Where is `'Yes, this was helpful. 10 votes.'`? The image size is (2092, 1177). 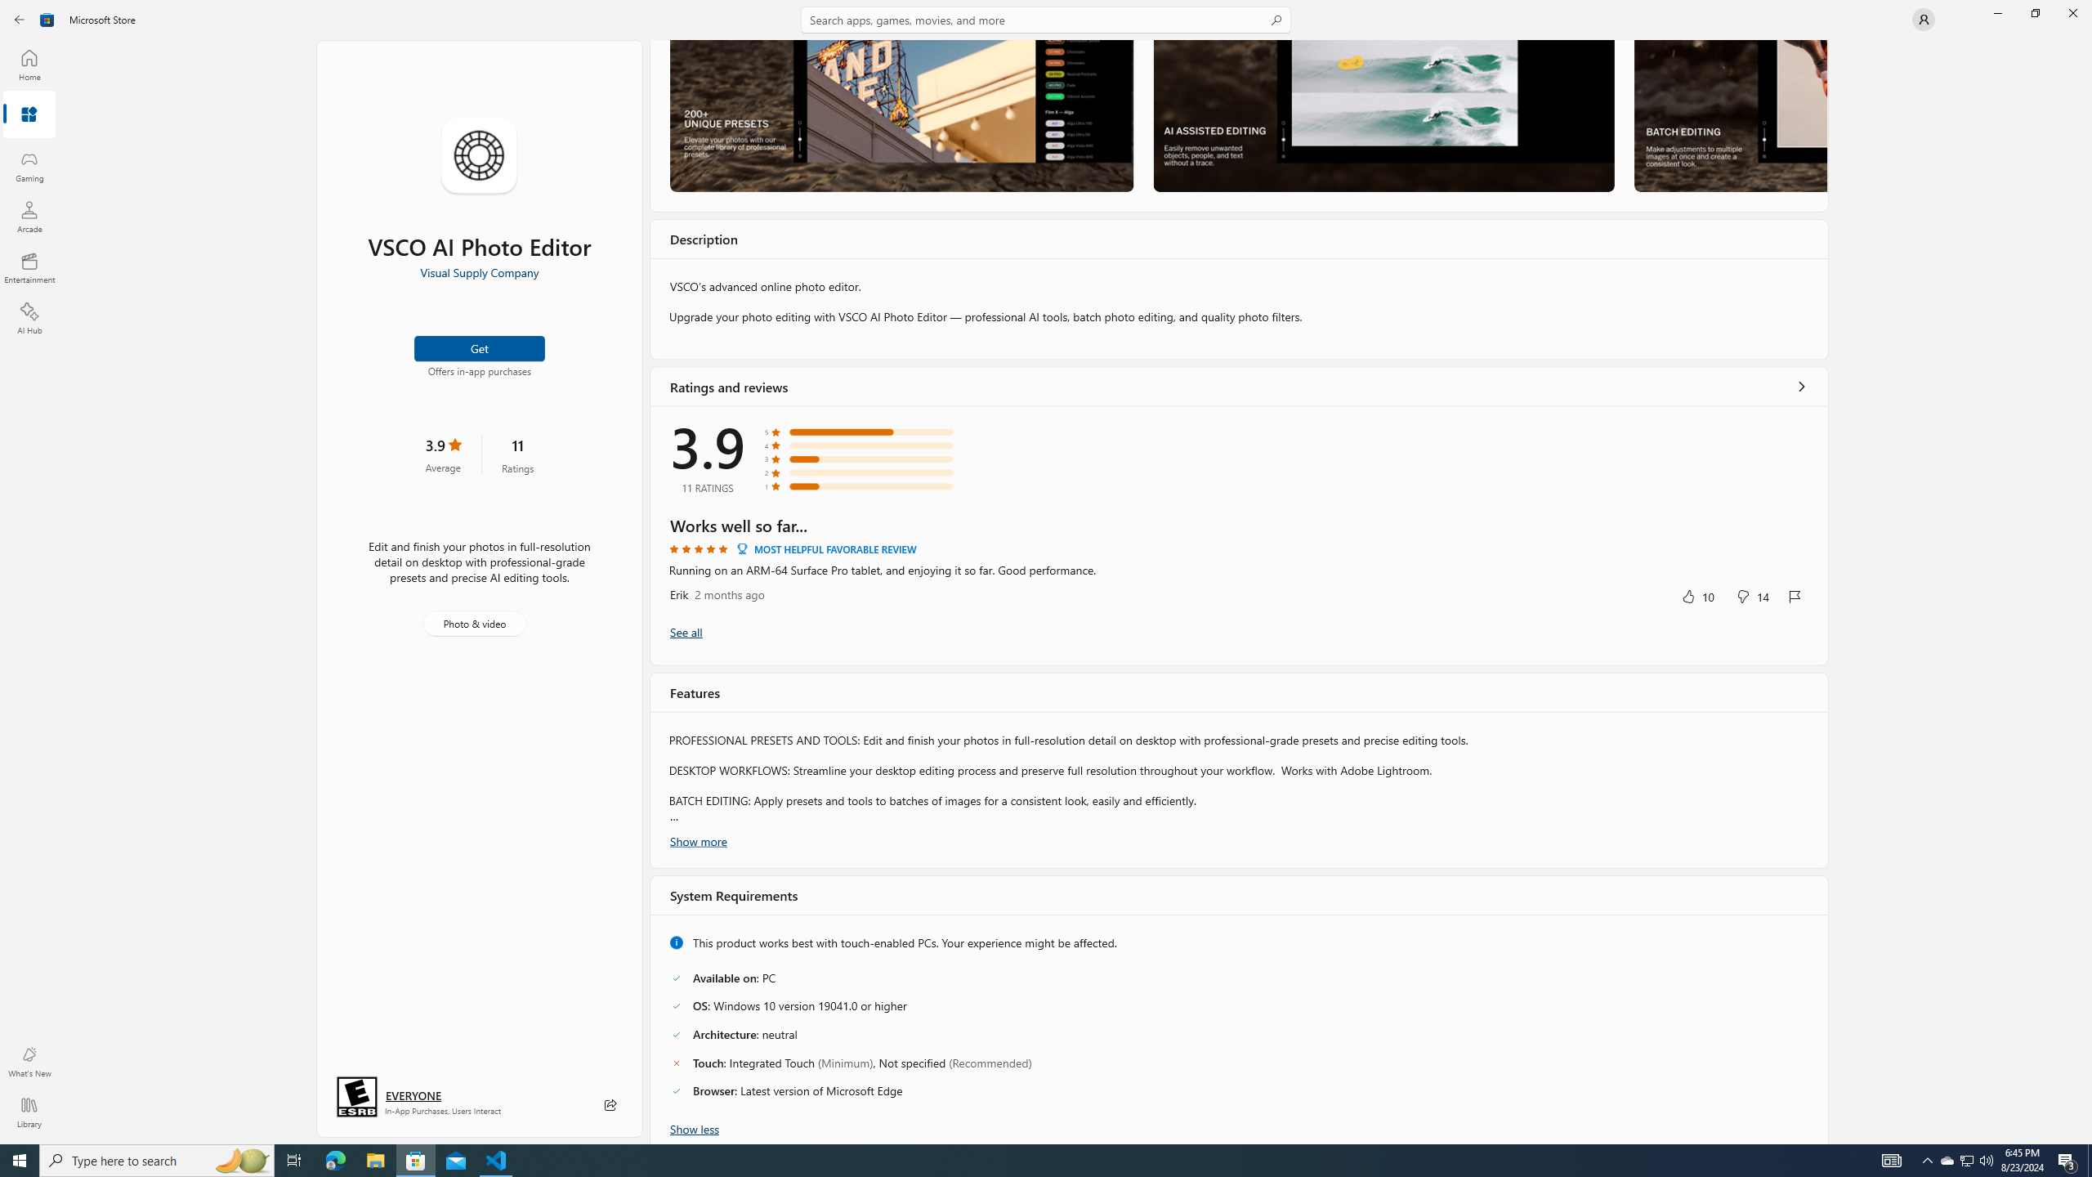
'Yes, this was helpful. 10 votes.' is located at coordinates (1696, 595).